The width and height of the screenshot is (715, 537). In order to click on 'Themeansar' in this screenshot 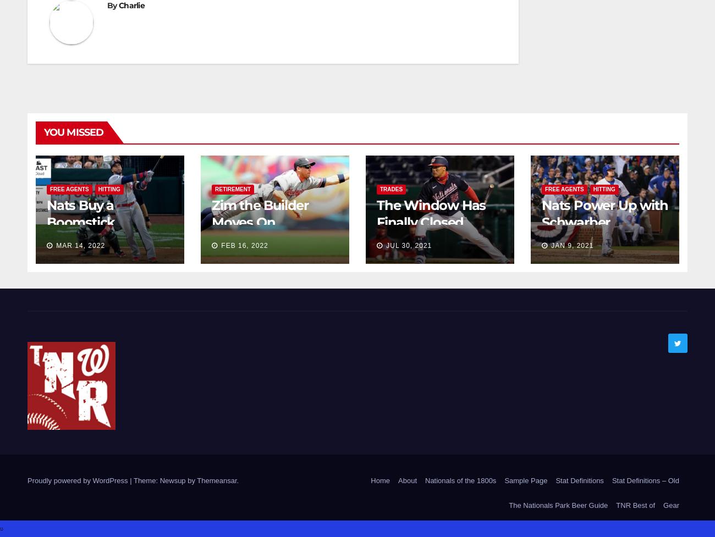, I will do `click(217, 480)`.